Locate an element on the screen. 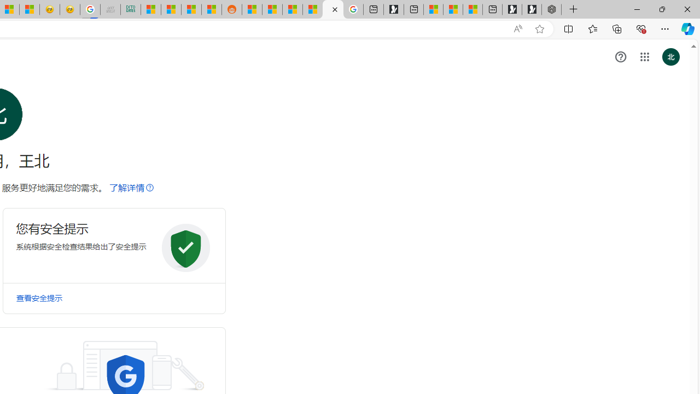 The height and width of the screenshot is (394, 700). 'These 3 Stocks Pay You More Than 5% to Own Them' is located at coordinates (472, 9).